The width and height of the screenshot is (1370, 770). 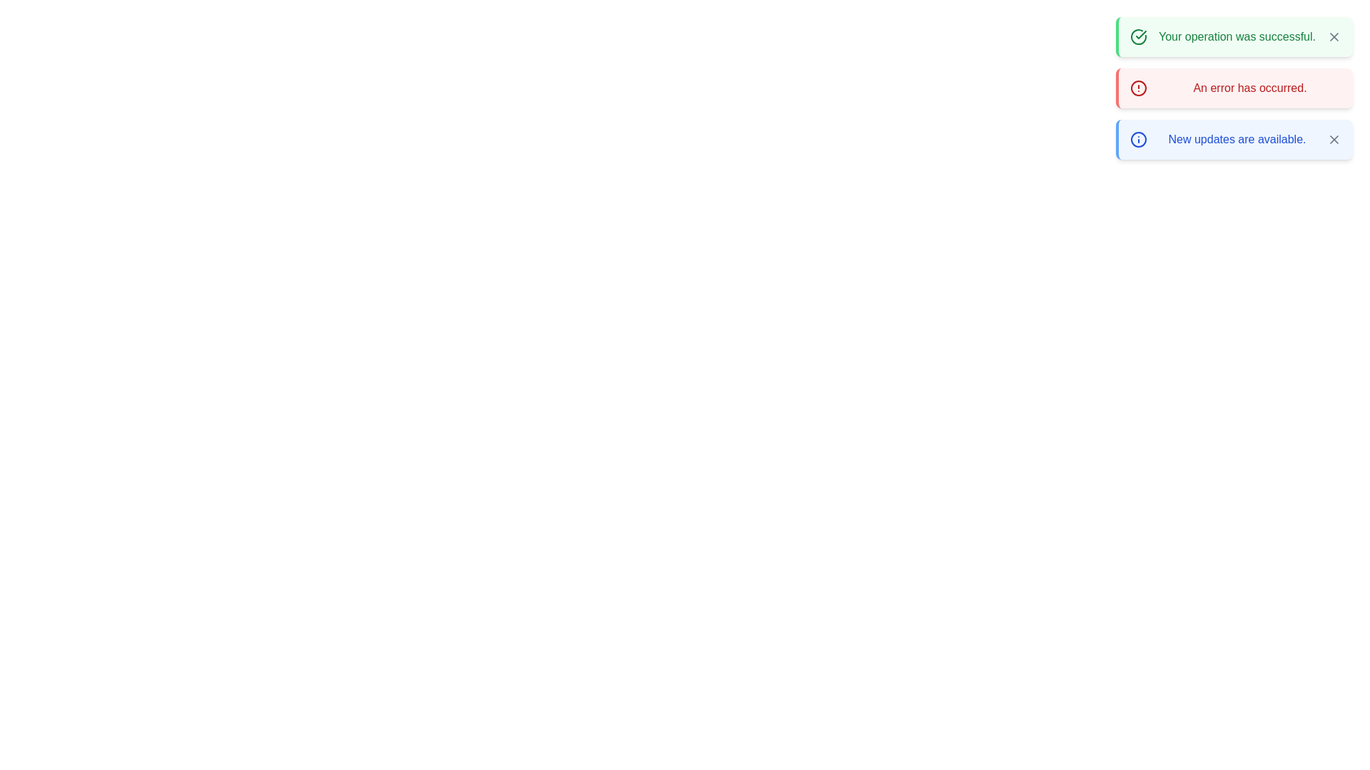 I want to click on the alert with the message 'New updates are available.' to see the hover effect, so click(x=1233, y=140).